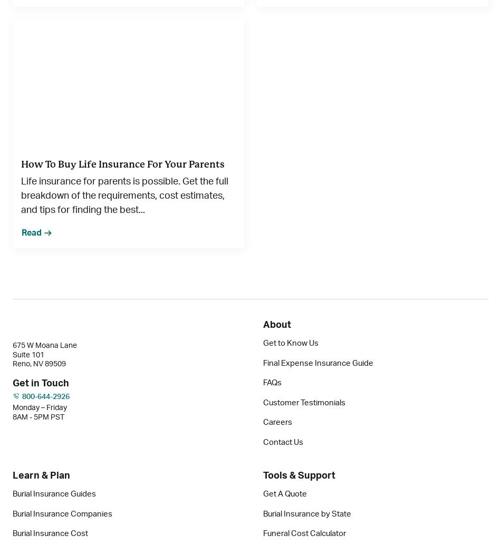 The image size is (501, 545). What do you see at coordinates (62, 513) in the screenshot?
I see `'Burial Insurance Companies'` at bounding box center [62, 513].